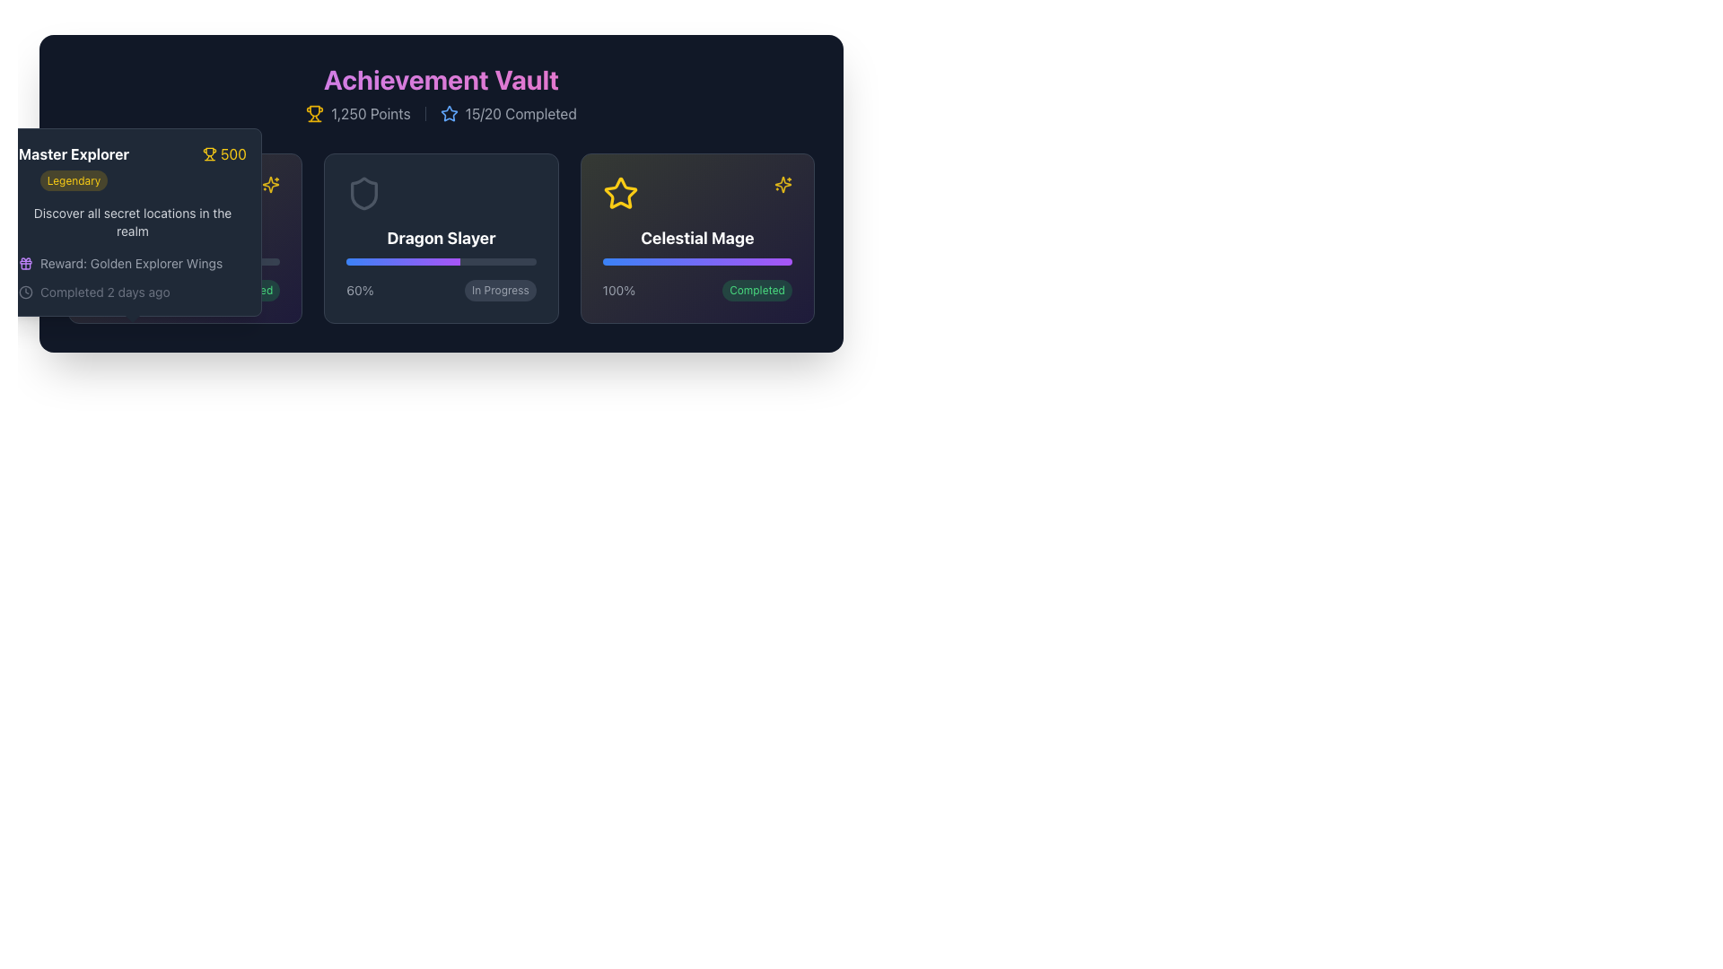 The image size is (1723, 969). I want to click on the text label that states 'Completed 2 days ago', which is positioned at the bottom section of the 'Master Explorer' card, adjacent to the clock icon, so click(104, 292).